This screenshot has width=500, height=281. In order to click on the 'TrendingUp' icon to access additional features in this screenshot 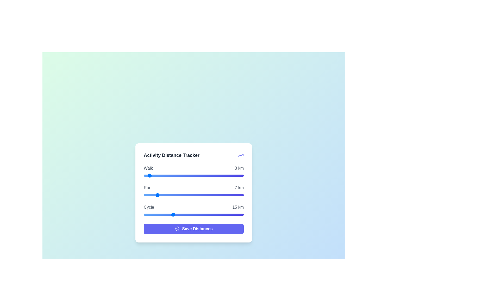, I will do `click(240, 155)`.